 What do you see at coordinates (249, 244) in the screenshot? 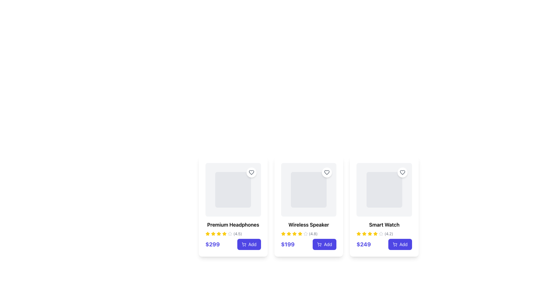
I see `the 'Add to Cart' button for the 'Premium Headphones' product` at bounding box center [249, 244].